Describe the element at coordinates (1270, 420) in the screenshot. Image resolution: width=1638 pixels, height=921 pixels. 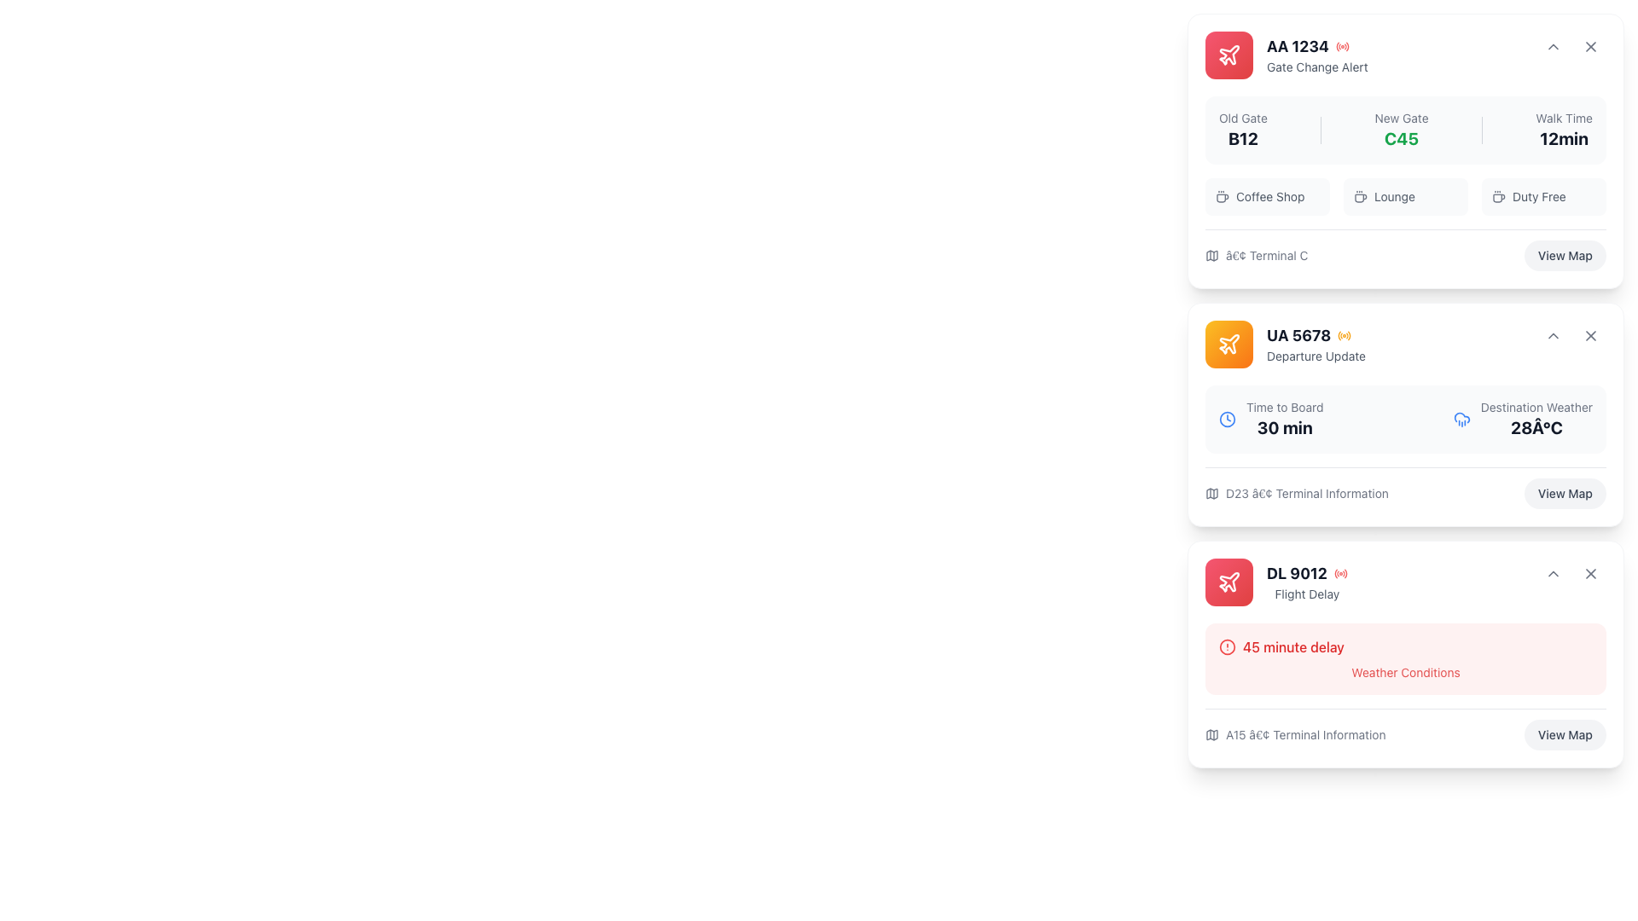
I see `the informational UI component that displays the time remaining until boarding for a specific flight, located in the second card from the top in the right column` at that location.